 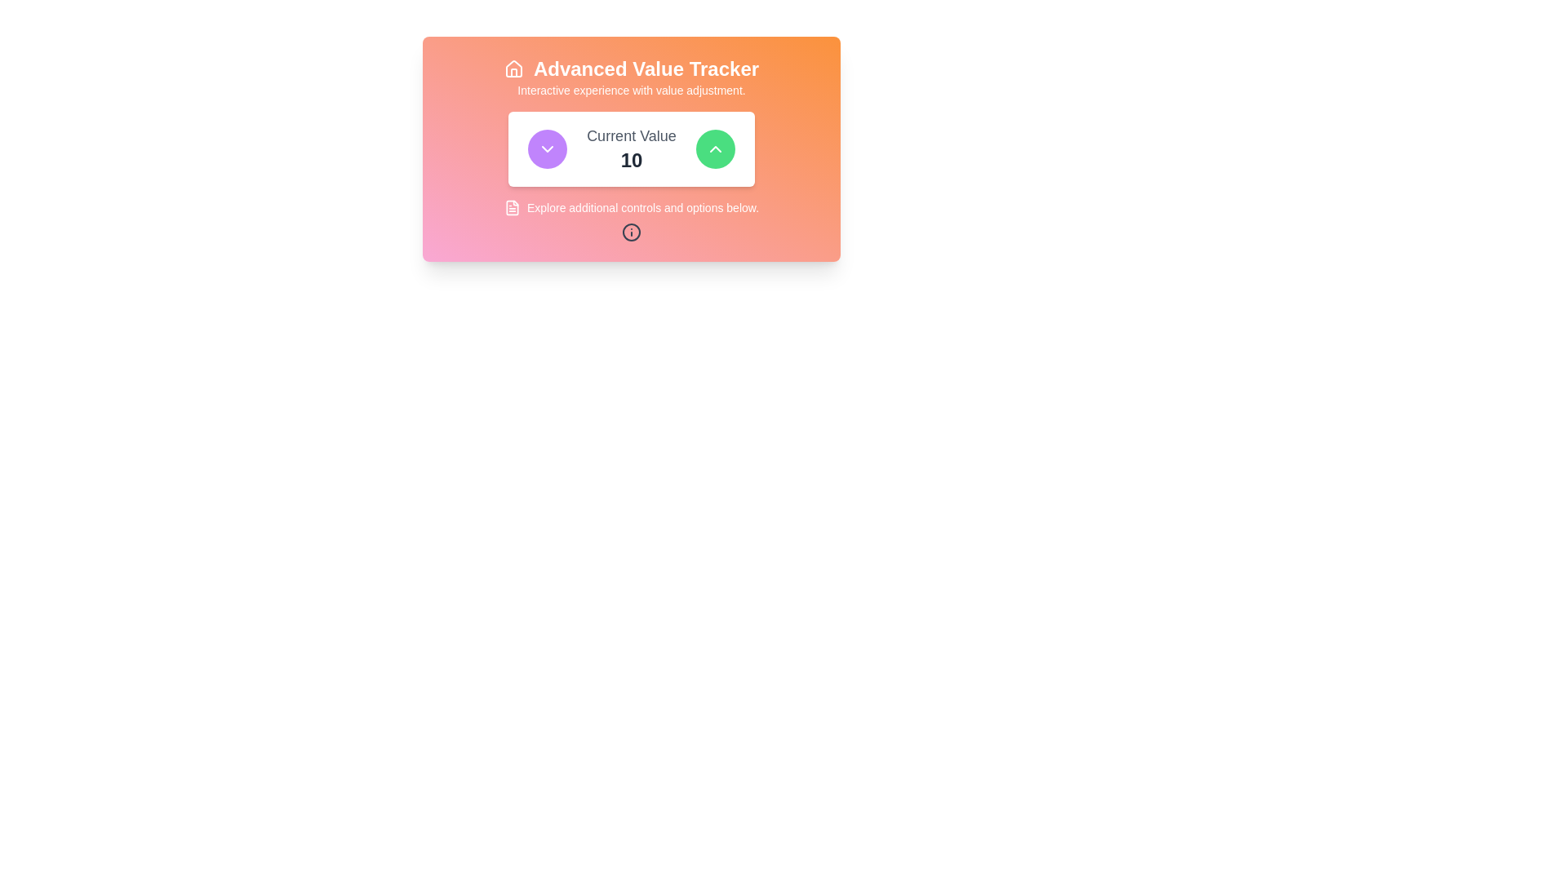 I want to click on information presented in the Informational Section located below the 'Current Value' component and above the 'Advanced Value Tracker' heading, so click(x=630, y=220).